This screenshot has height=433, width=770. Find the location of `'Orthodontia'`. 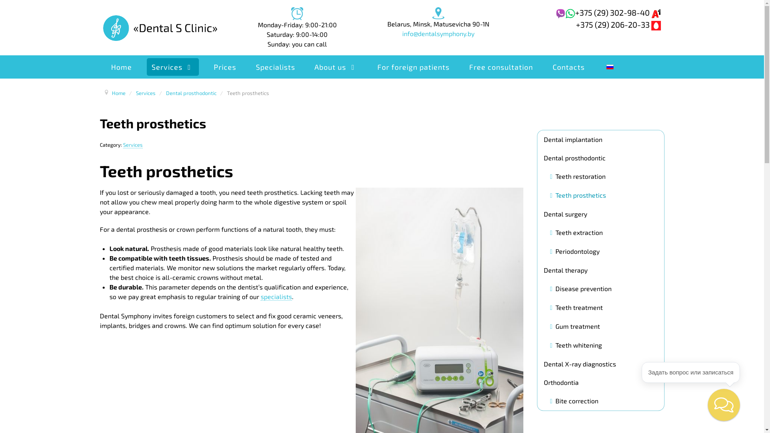

'Orthodontia' is located at coordinates (600, 381).